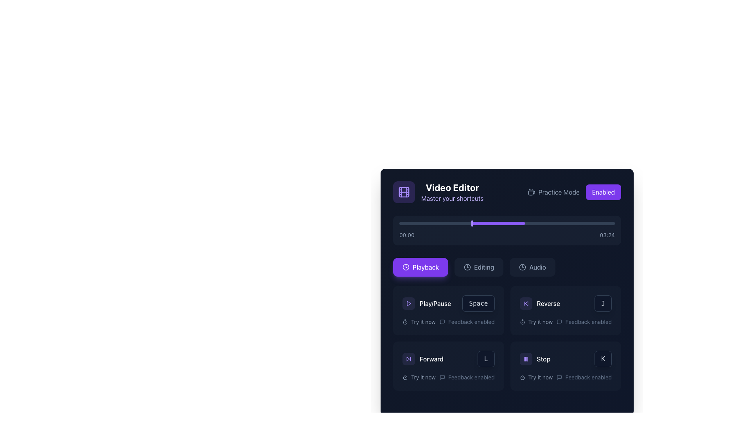  Describe the element at coordinates (452, 187) in the screenshot. I see `the 'Video Editor' text label element, which is presented in bold, large, white font on a dark background, located near the top-left area of the interface` at that location.